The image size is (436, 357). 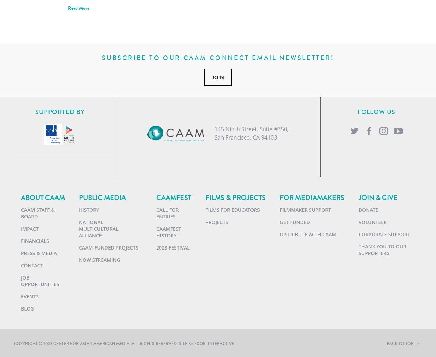 What do you see at coordinates (378, 197) in the screenshot?
I see `'JOIN & GIVE'` at bounding box center [378, 197].